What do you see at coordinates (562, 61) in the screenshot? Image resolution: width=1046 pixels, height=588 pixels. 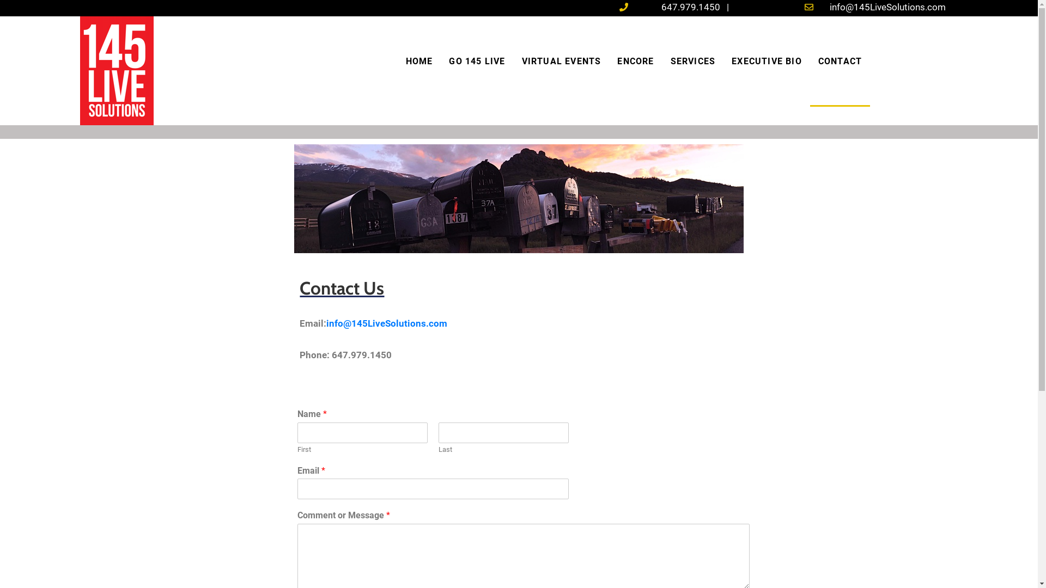 I see `'VIRTUAL EVENTS'` at bounding box center [562, 61].